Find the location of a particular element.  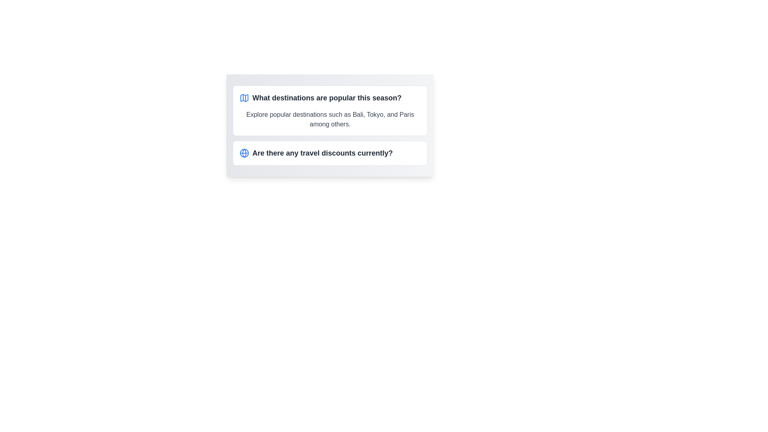

the blue map icon that appears to the left of the text 'What destinations are popular this season?' is located at coordinates (244, 98).